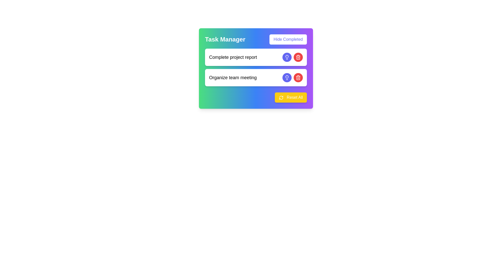 This screenshot has width=489, height=275. I want to click on the light bulb icon button located within the 'Task Manager' card, positioned to the right of the 'Complete project report' task item, so click(287, 76).